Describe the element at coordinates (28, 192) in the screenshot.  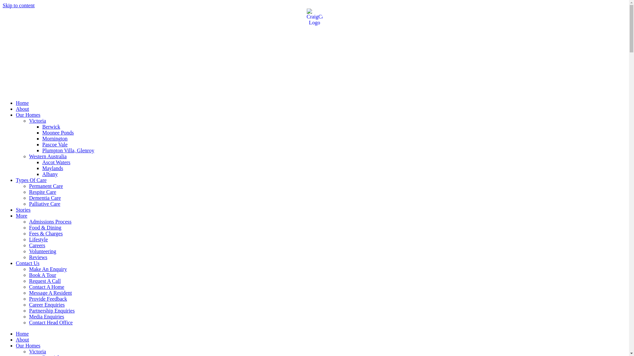
I see `'Respite Care'` at that location.